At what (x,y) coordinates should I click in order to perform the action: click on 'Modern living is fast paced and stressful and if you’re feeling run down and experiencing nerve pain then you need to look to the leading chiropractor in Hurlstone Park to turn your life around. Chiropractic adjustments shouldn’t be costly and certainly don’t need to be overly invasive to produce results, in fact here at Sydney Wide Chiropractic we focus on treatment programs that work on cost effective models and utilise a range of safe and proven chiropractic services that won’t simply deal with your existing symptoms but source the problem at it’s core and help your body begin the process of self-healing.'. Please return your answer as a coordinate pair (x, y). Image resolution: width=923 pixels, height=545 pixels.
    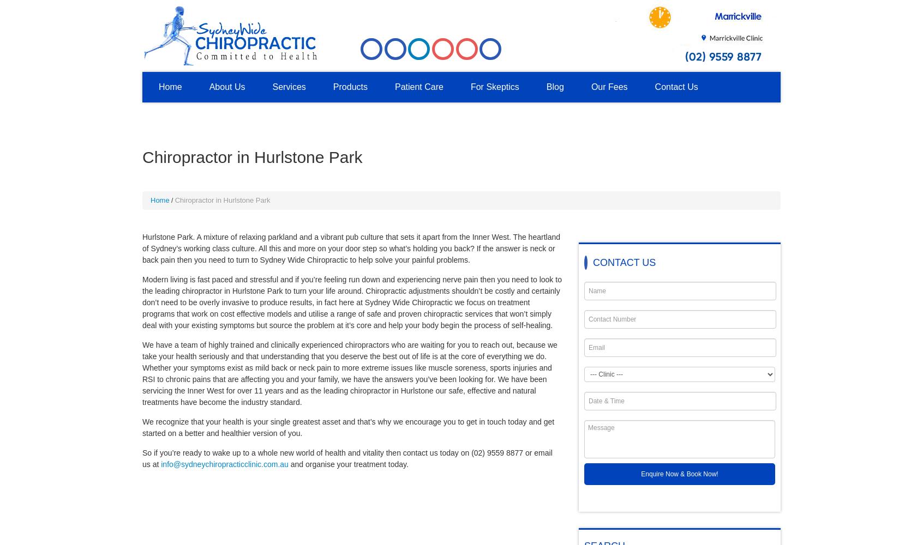
    Looking at the image, I should click on (142, 302).